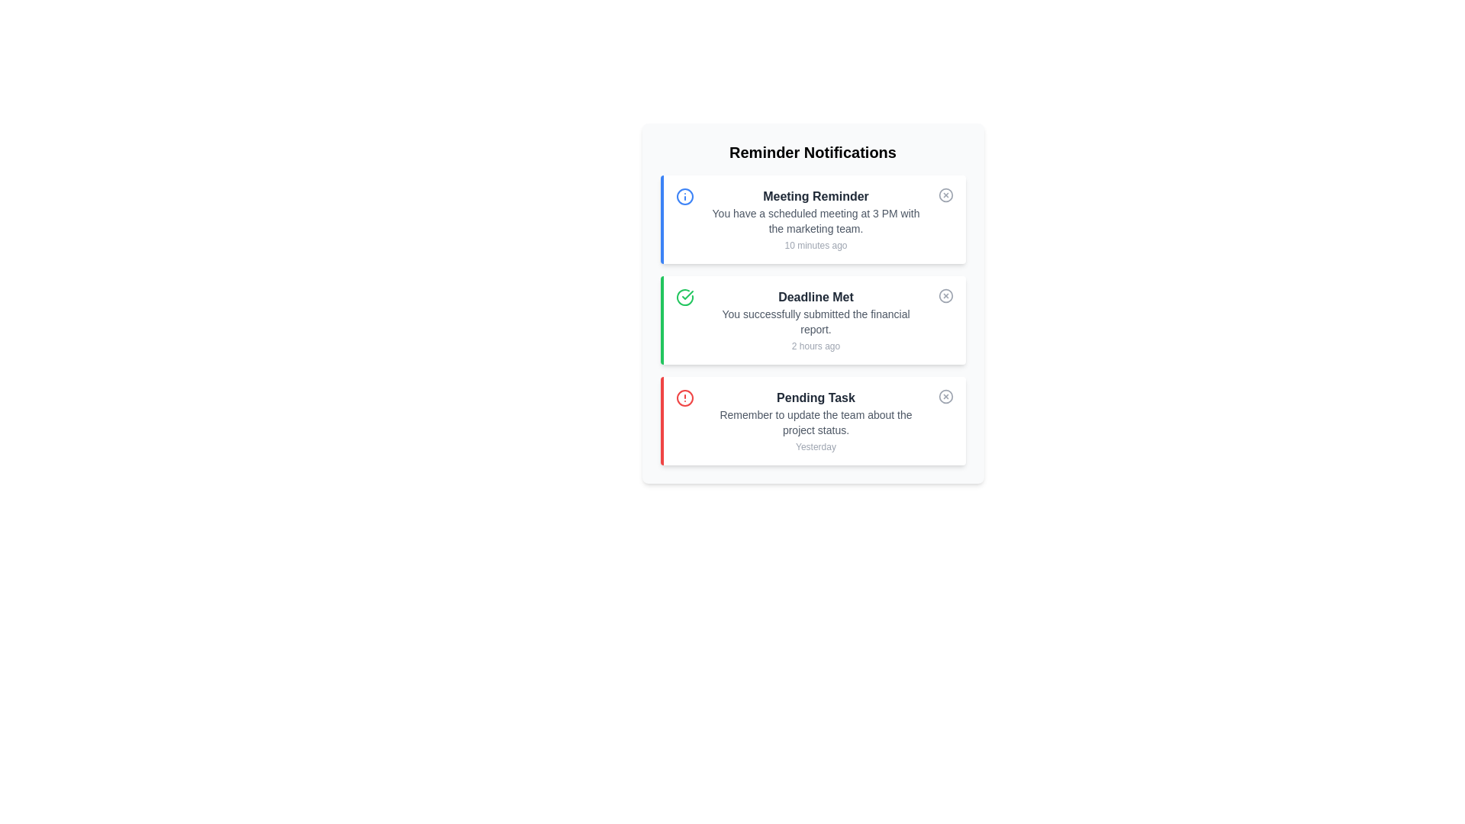 The image size is (1465, 824). Describe the element at coordinates (815, 220) in the screenshot. I see `text displayed in the notification card, which states 'You have a scheduled meeting at 3 PM with the marketing team.' This text is centrally aligned and appears below the title 'Meeting Reminder.'` at that location.